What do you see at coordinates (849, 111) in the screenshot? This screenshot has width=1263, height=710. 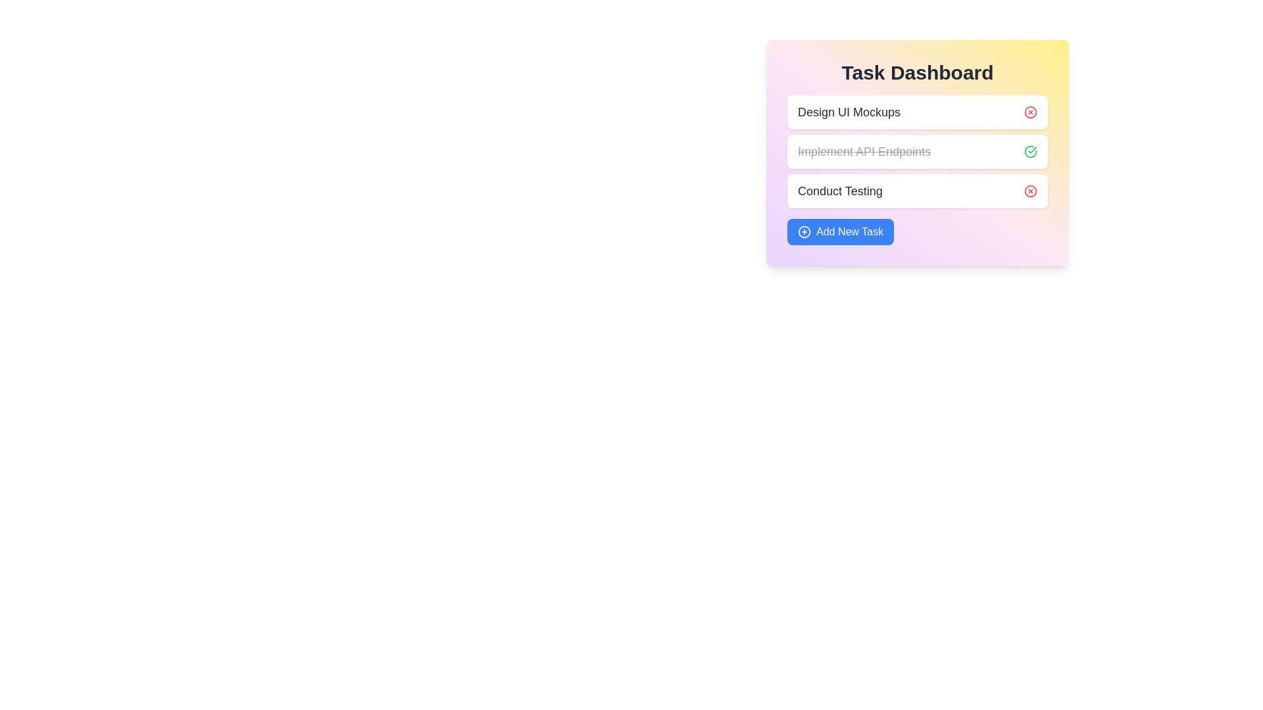 I see `the task title 'Design UI Mockups' to select it` at bounding box center [849, 111].